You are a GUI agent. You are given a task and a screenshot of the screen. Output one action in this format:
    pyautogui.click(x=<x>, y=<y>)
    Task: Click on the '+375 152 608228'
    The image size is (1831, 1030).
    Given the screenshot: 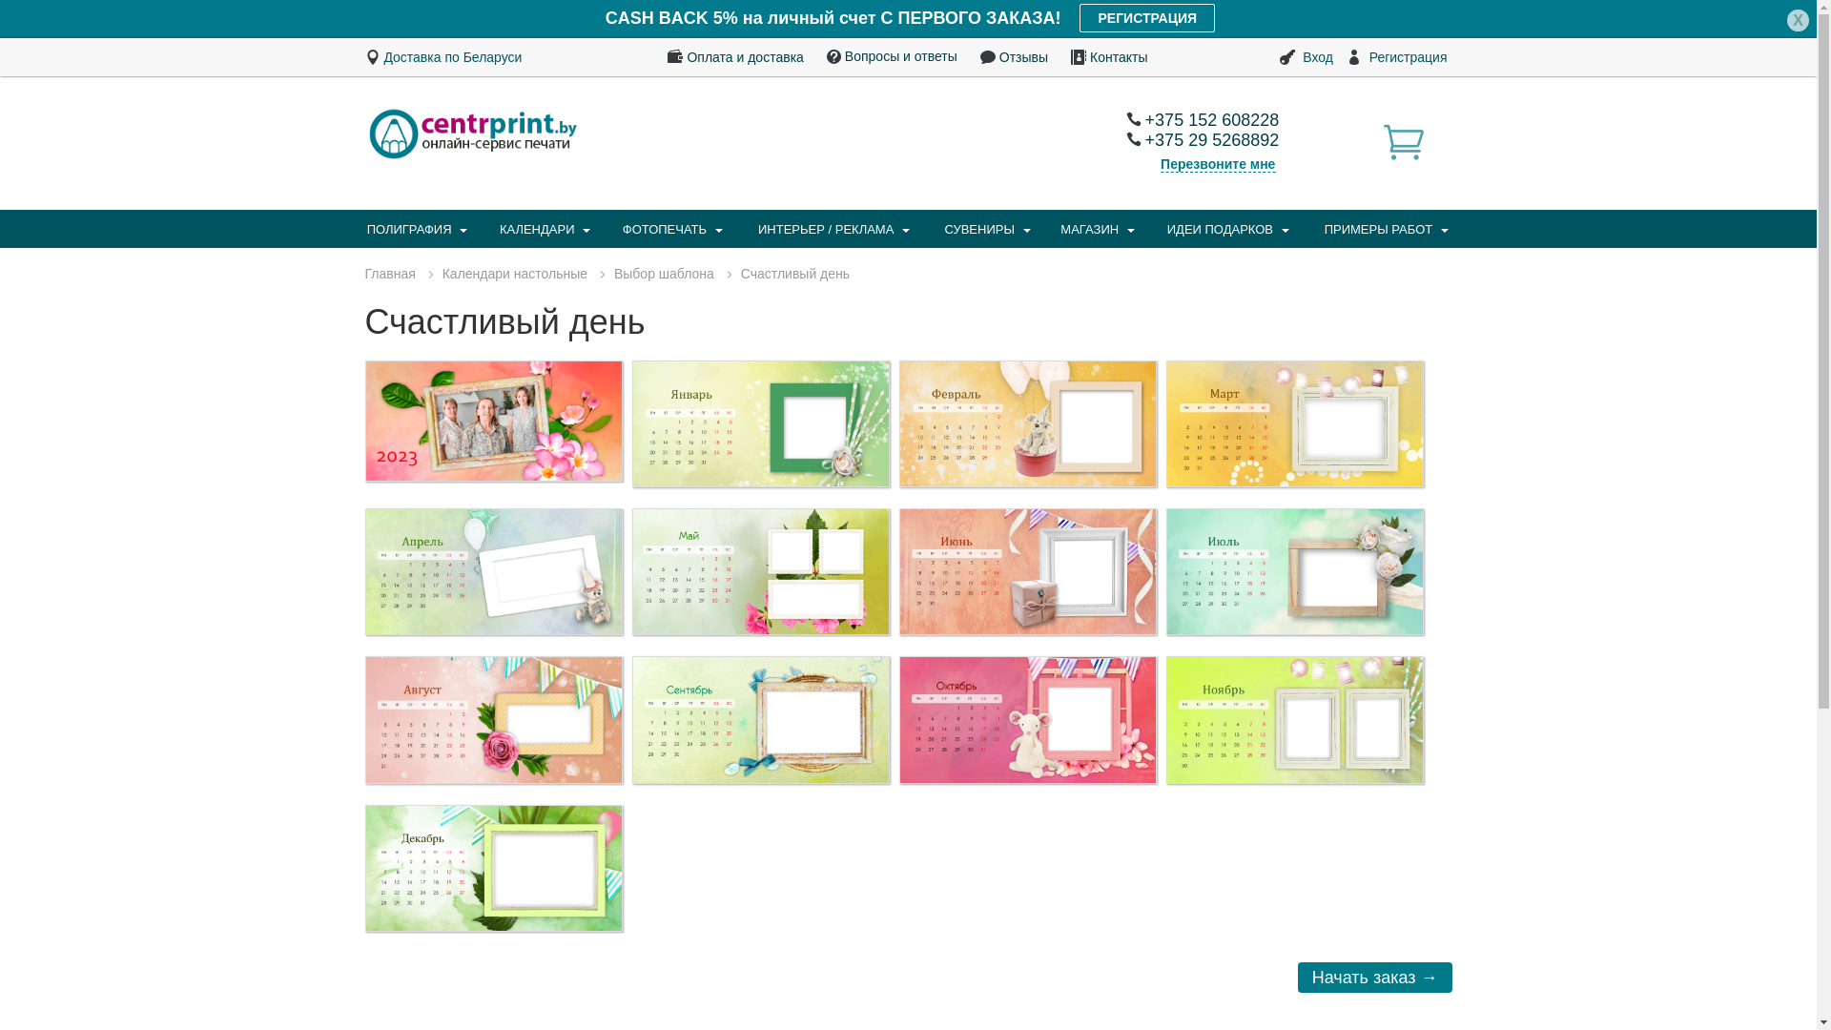 What is the action you would take?
    pyautogui.click(x=1202, y=120)
    